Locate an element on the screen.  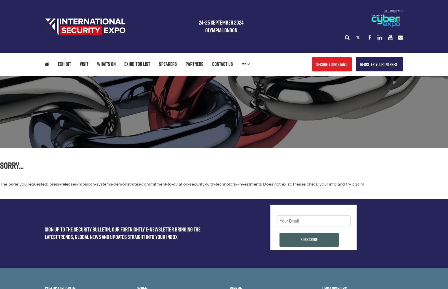
'Sorry...' is located at coordinates (12, 165).